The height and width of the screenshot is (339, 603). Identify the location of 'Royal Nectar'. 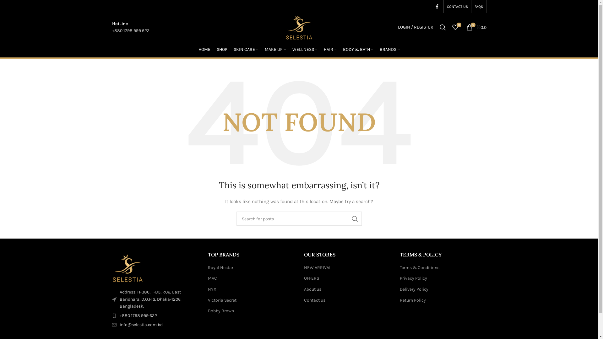
(221, 267).